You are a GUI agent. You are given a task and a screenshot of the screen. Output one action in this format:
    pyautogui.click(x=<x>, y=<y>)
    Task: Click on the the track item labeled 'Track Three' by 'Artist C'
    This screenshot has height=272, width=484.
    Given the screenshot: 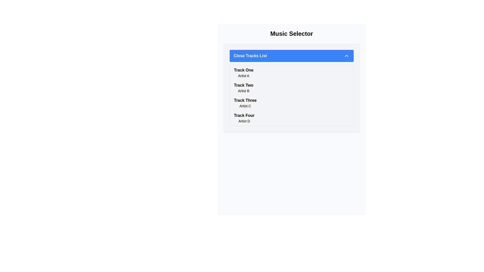 What is the action you would take?
    pyautogui.click(x=245, y=103)
    